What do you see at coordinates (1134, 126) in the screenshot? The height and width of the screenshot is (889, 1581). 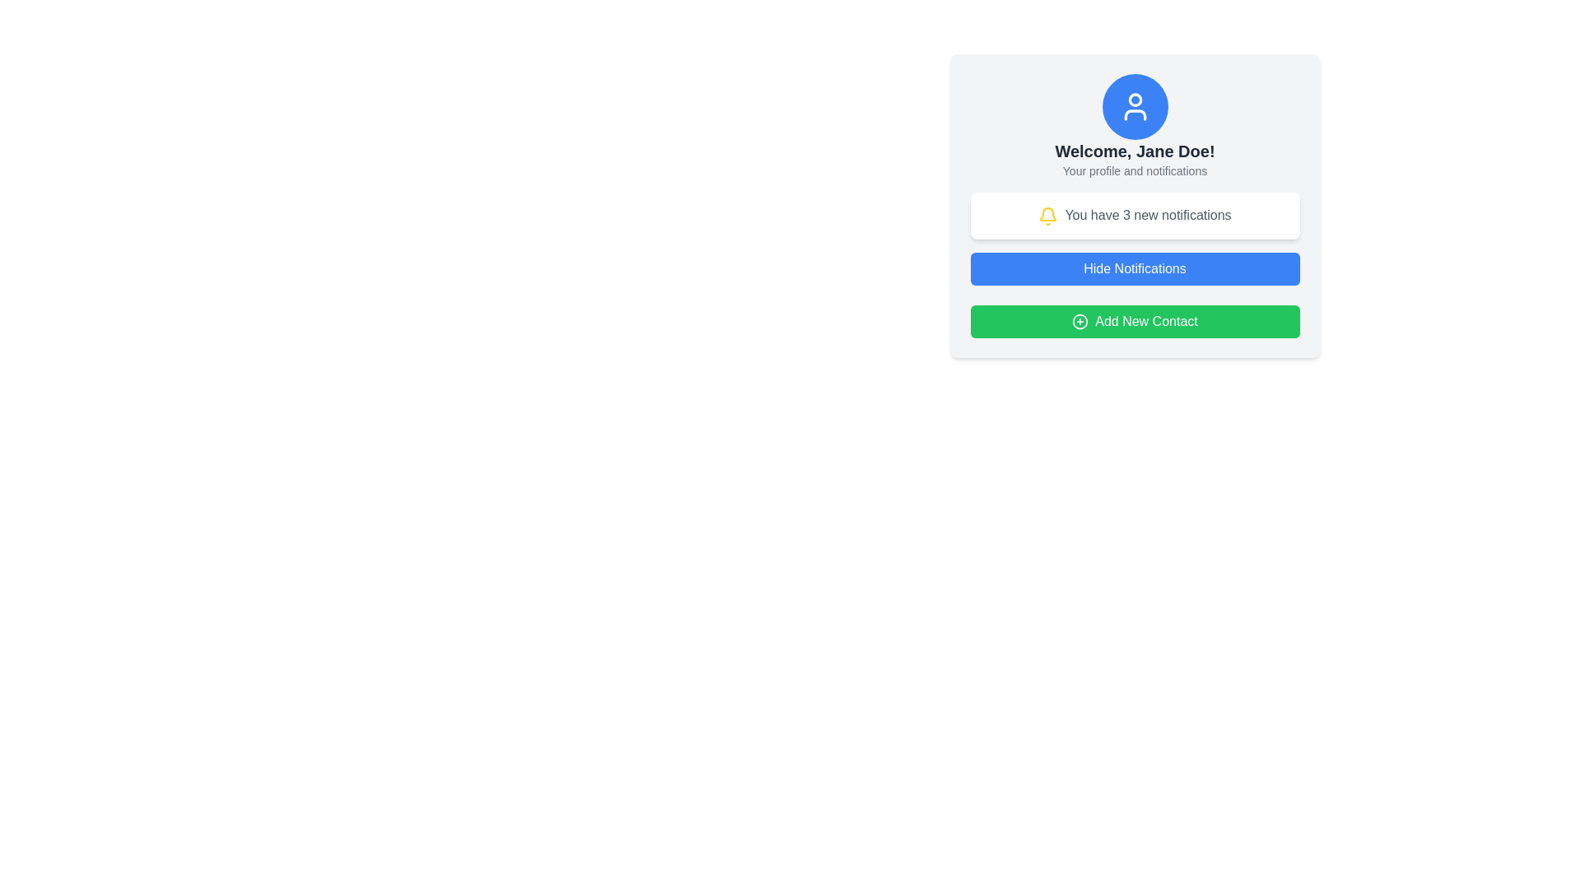 I see `the informational display component that shows 'Welcome, Jane Doe!' with a user icon at the top` at bounding box center [1134, 126].